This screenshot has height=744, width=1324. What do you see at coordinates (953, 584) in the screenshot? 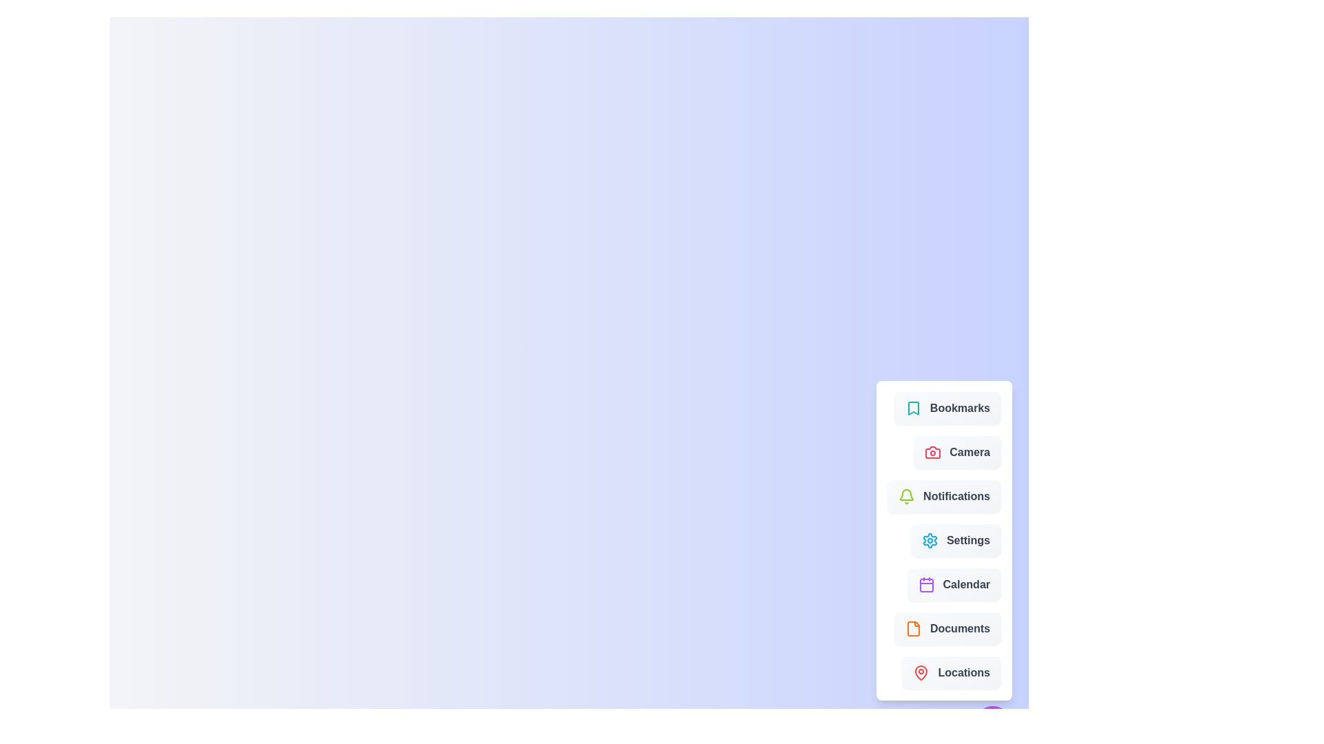
I see `the menu item corresponding to Calendar to activate its action` at bounding box center [953, 584].